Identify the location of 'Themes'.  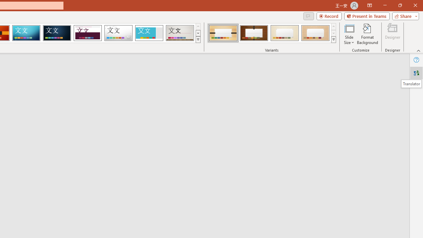
(198, 40).